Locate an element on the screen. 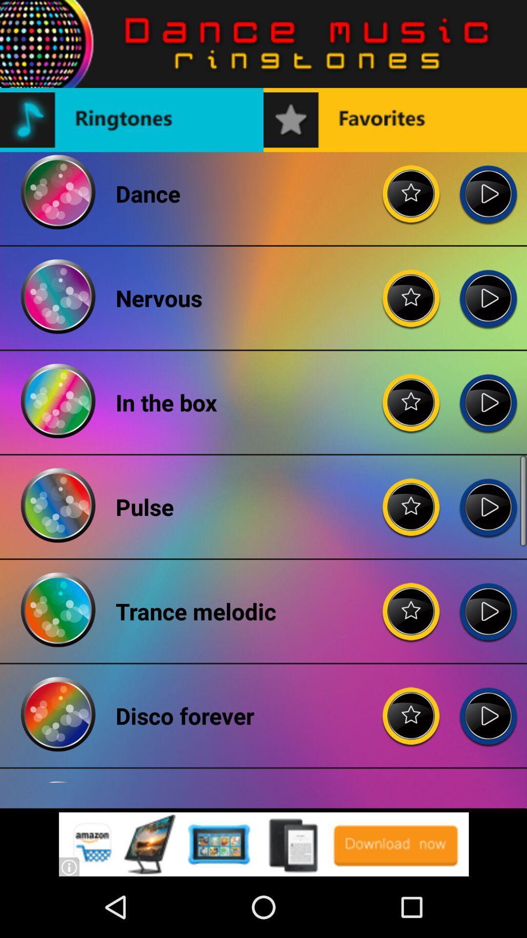 The height and width of the screenshot is (938, 527). play option is located at coordinates (488, 499).